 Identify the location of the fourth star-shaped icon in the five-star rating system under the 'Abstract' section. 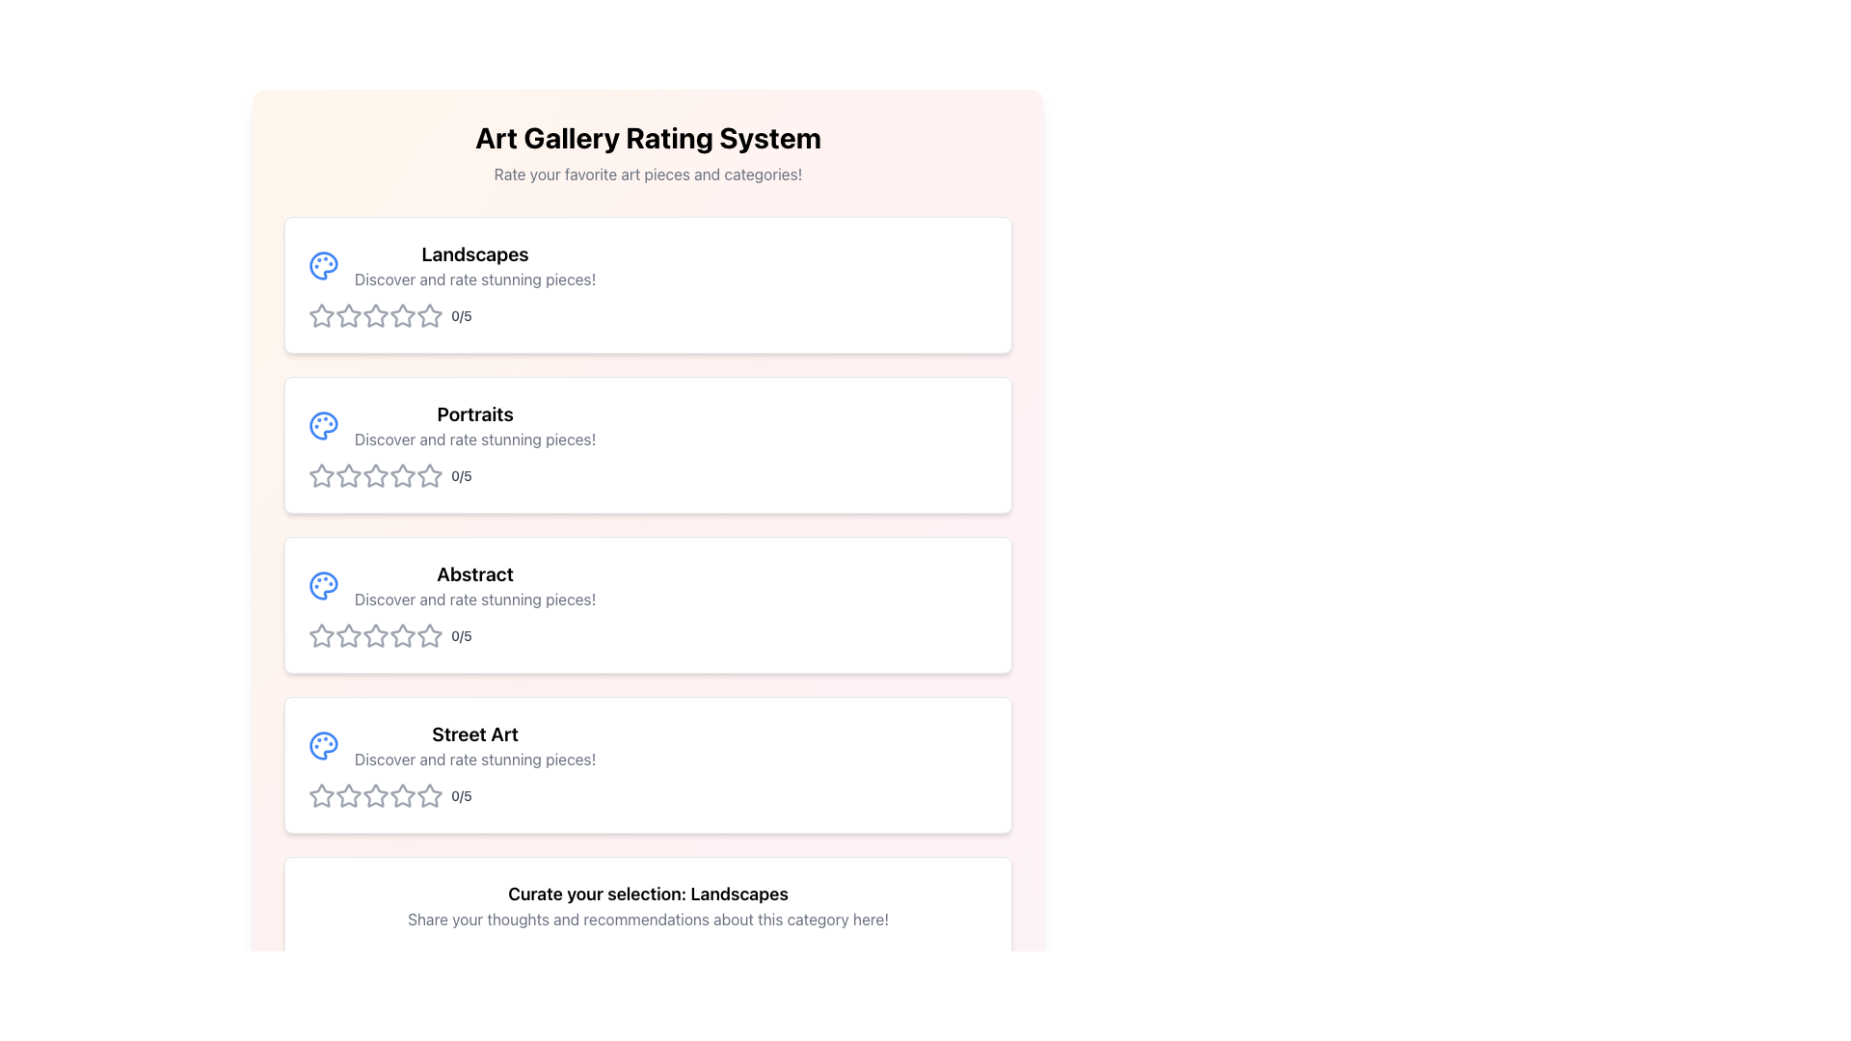
(401, 635).